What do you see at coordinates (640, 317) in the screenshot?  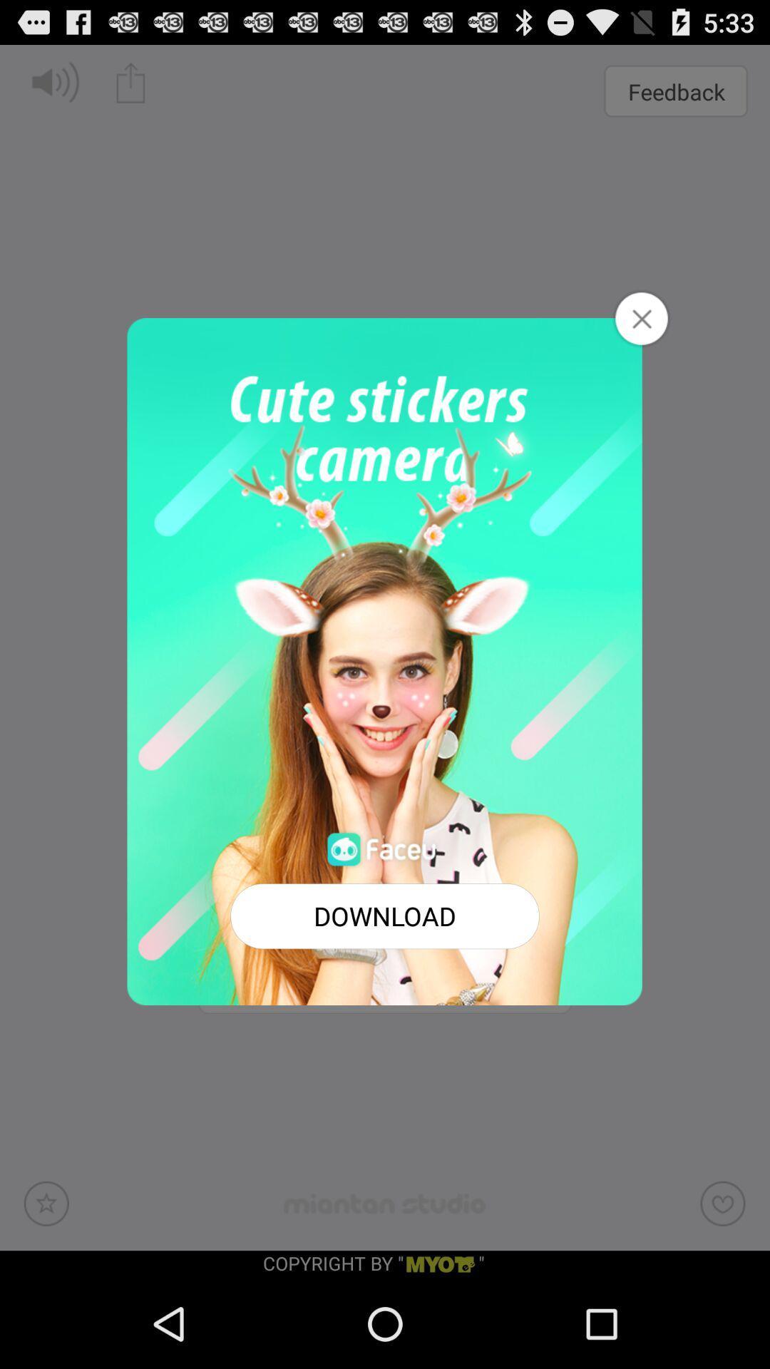 I see `the icon at the top right corner` at bounding box center [640, 317].